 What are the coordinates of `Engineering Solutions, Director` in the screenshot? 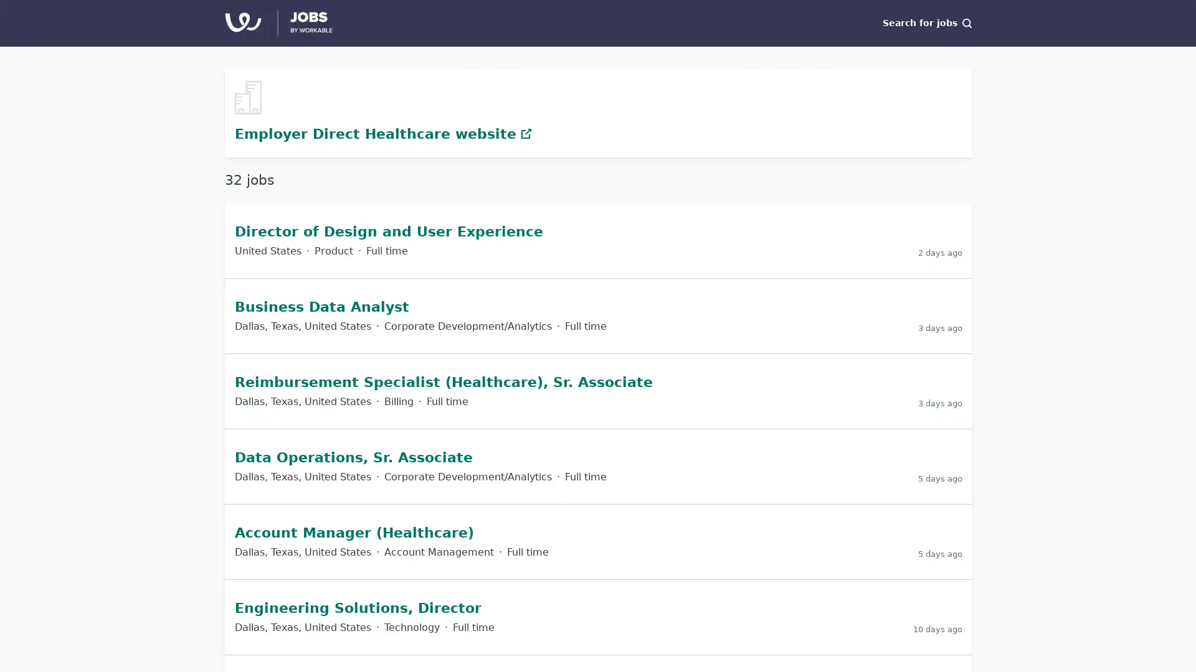 It's located at (358, 607).